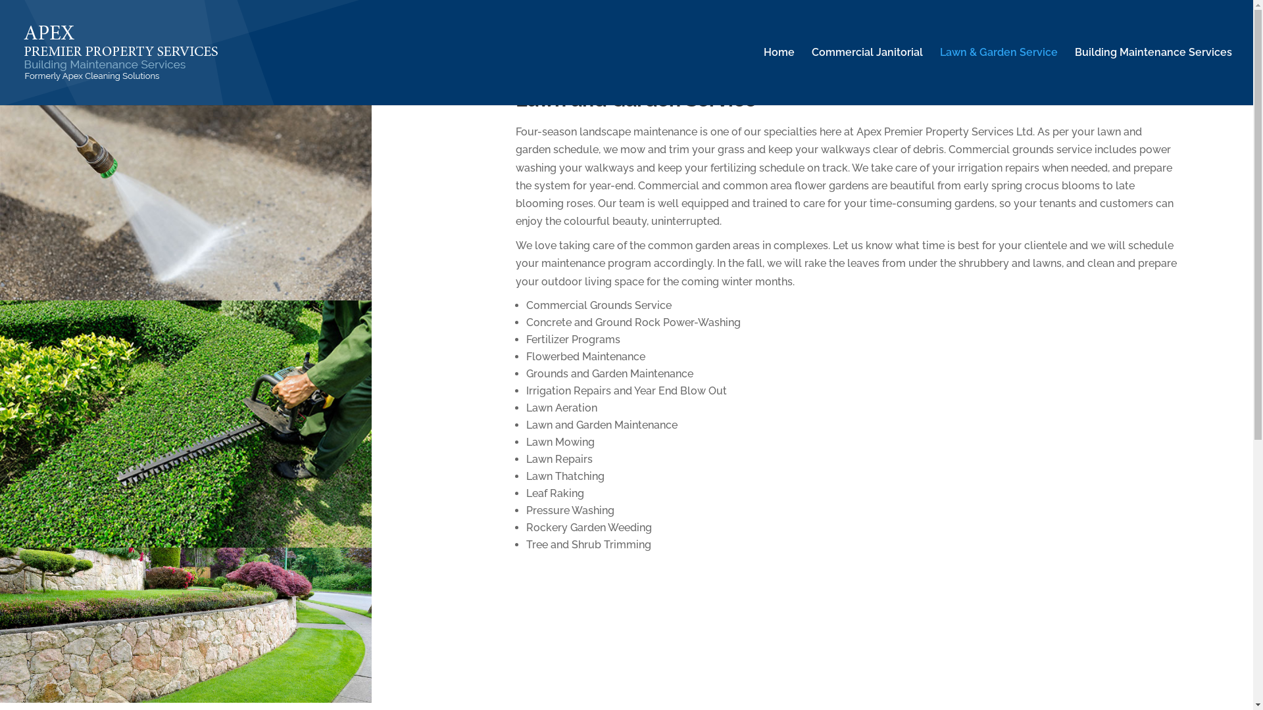 Image resolution: width=1263 pixels, height=710 pixels. What do you see at coordinates (999, 76) in the screenshot?
I see `'Lawn & Garden Service'` at bounding box center [999, 76].